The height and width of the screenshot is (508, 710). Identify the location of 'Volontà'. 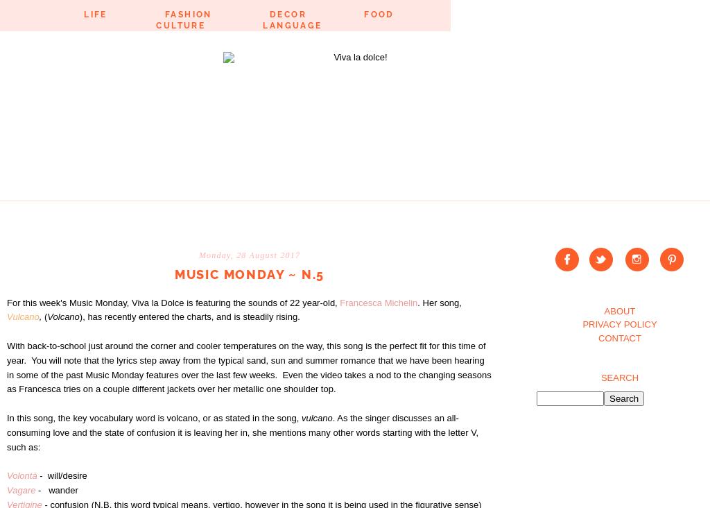
(7, 475).